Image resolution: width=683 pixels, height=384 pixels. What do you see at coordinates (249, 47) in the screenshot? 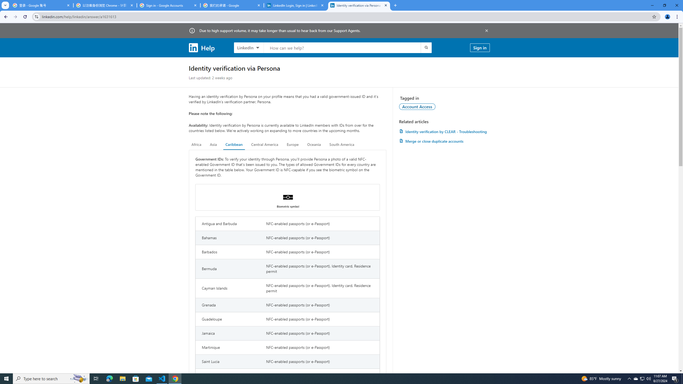
I see `'LinkedIn products to search, LinkedIn selected'` at bounding box center [249, 47].